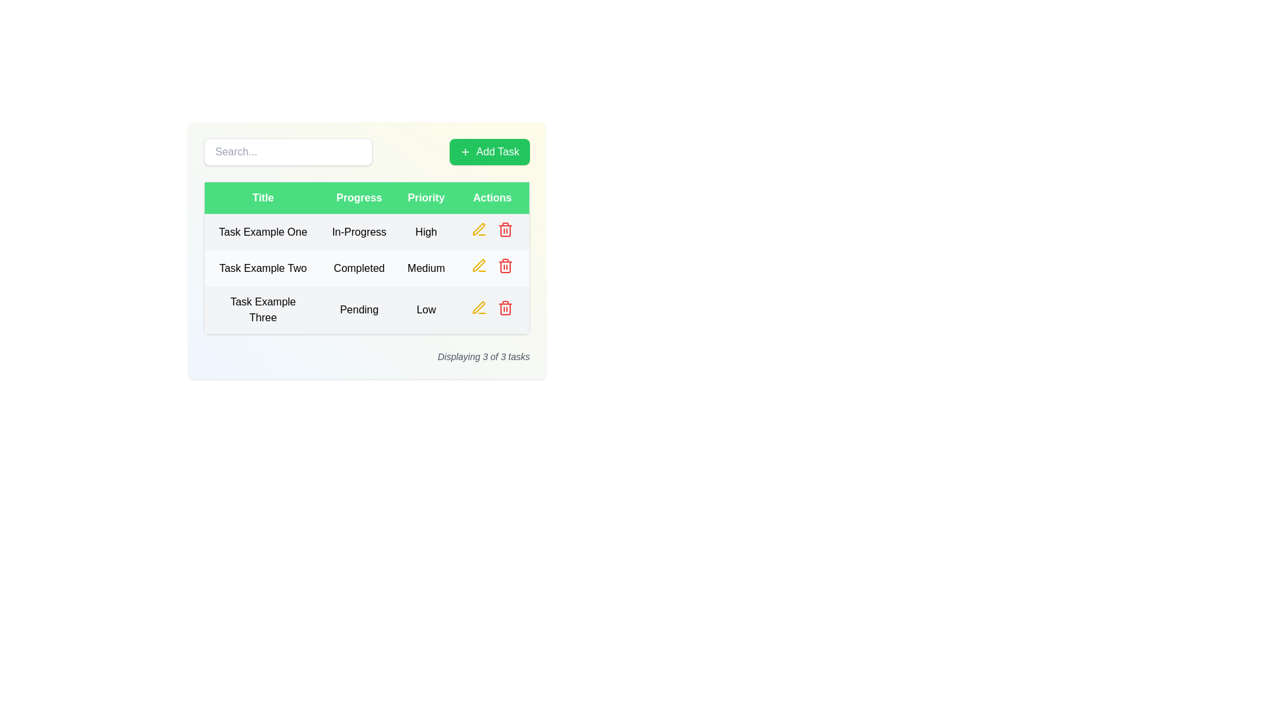 Image resolution: width=1264 pixels, height=711 pixels. What do you see at coordinates (426, 267) in the screenshot?
I see `the Text label that displays the priority status of a task located in the third column of the second row of the table, positioned to the right of the 'Completed' label and above the 'Low' label` at bounding box center [426, 267].